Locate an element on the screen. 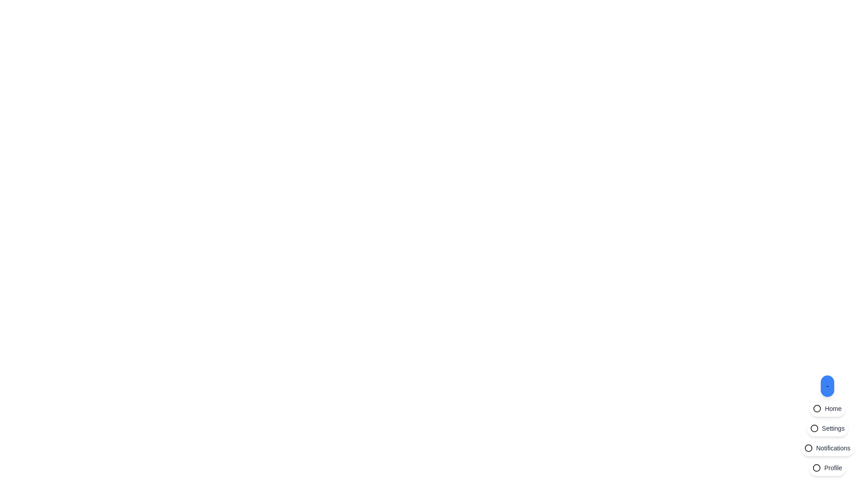  the SVG circle element, which is the second button in the horizontal menu located at the lower right corner of the interface is located at coordinates (817, 409).